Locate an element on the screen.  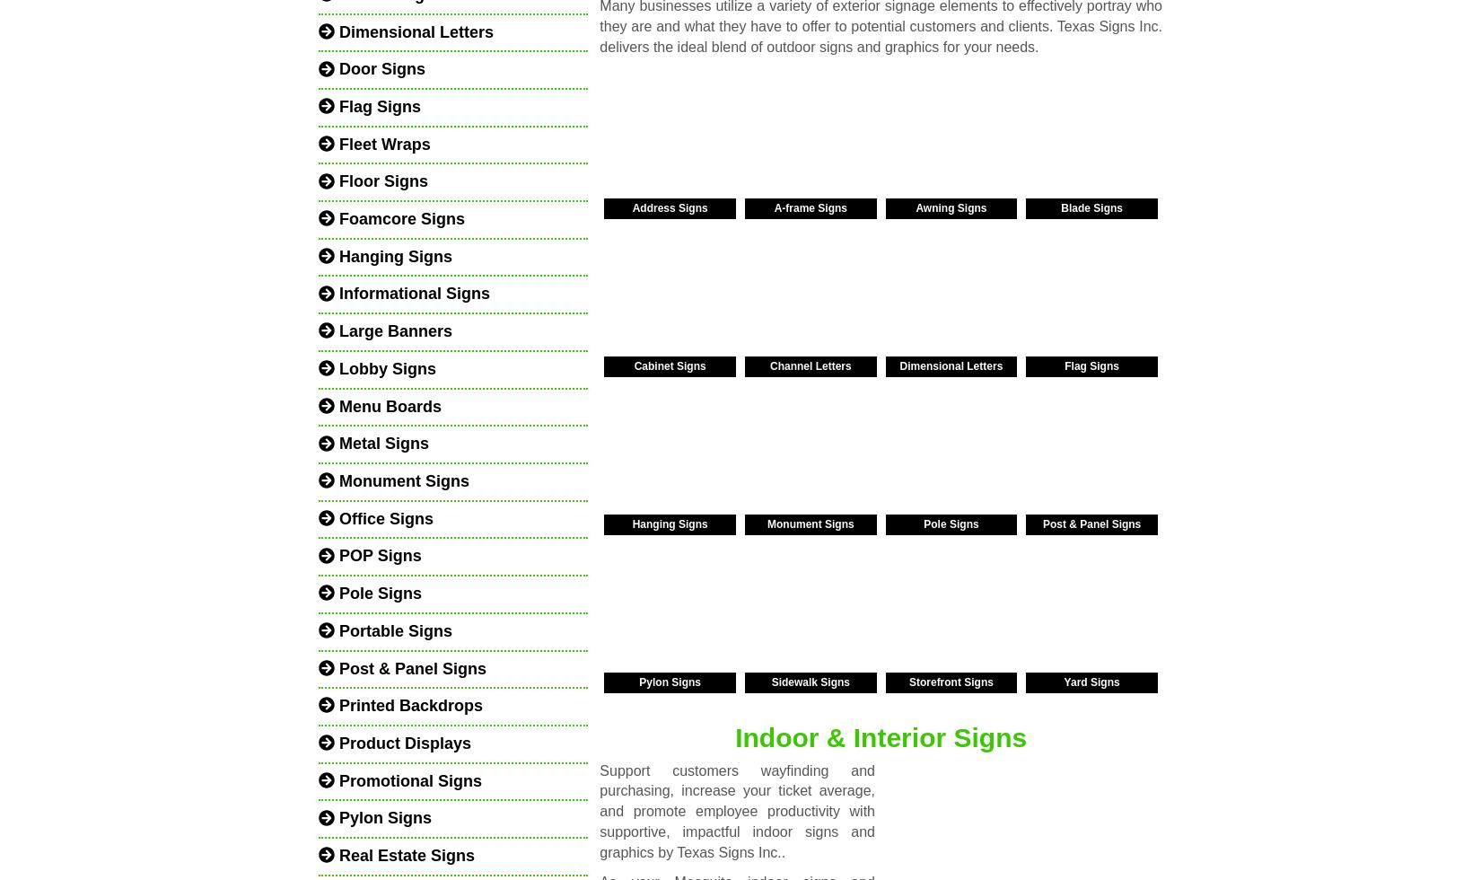
'Storefront Signs' is located at coordinates (950, 682).